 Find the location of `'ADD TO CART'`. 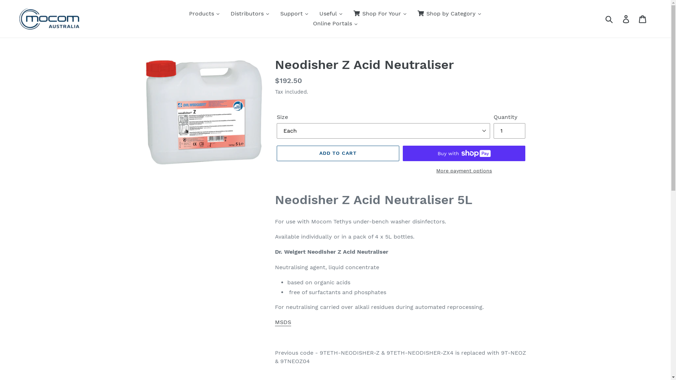

'ADD TO CART' is located at coordinates (338, 153).